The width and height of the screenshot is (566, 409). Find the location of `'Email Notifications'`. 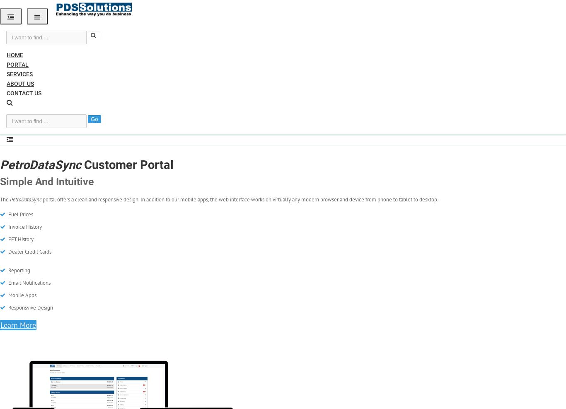

'Email Notifications' is located at coordinates (29, 283).